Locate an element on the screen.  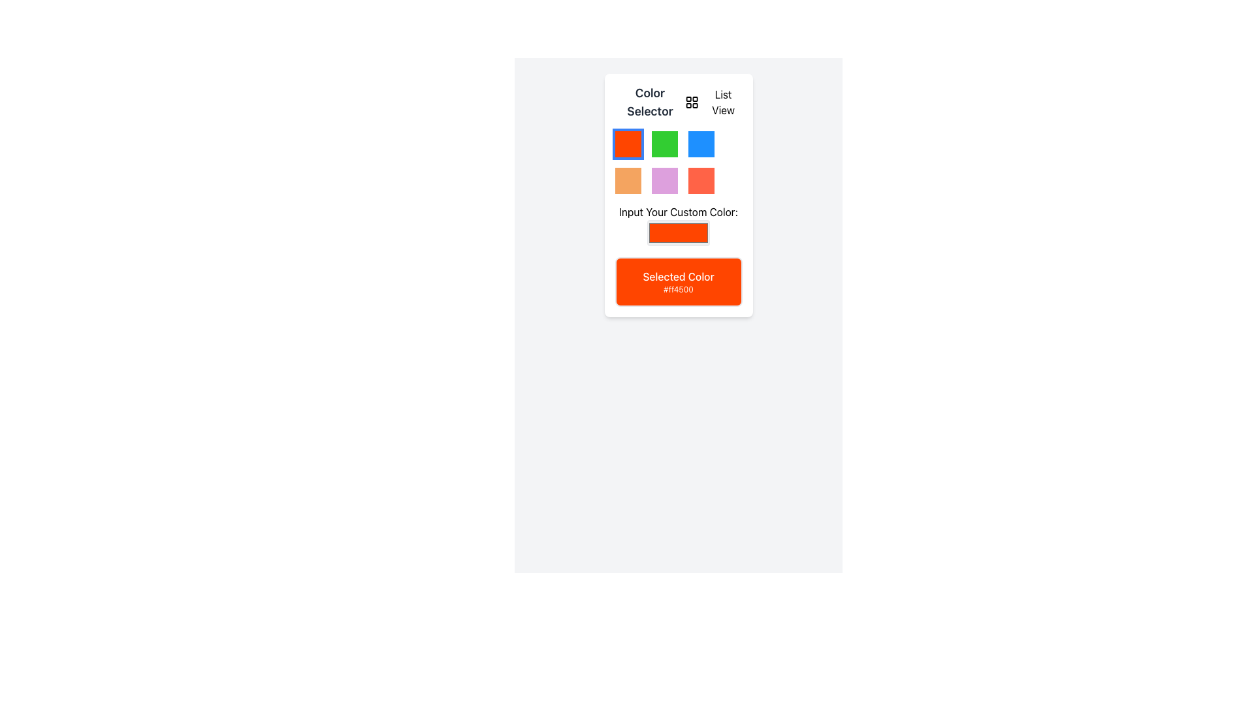
the Static Text displaying the hexadecimal color code, which is located beneath the 'Selected Color' label and centered within the section is located at coordinates (678, 289).